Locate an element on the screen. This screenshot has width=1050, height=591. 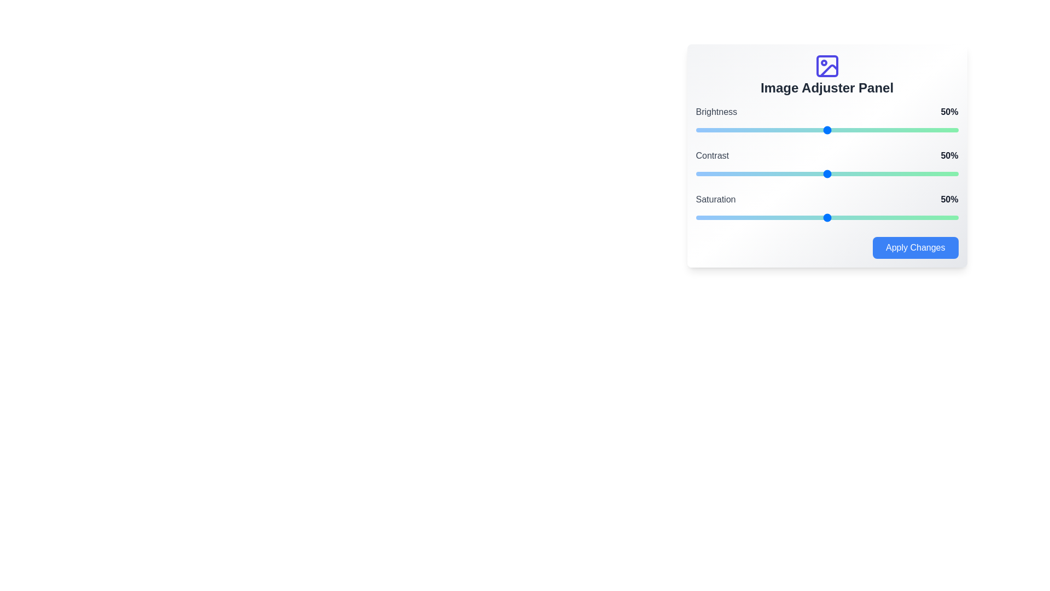
the saturation slider to 1% is located at coordinates (698, 217).